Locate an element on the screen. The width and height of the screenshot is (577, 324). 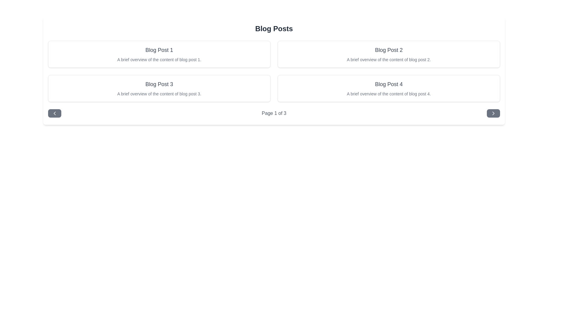
the gray text label that provides a summary of the blog post, located directly below the title 'Blog Post 1' in the top-left card of the grid layout is located at coordinates (159, 60).